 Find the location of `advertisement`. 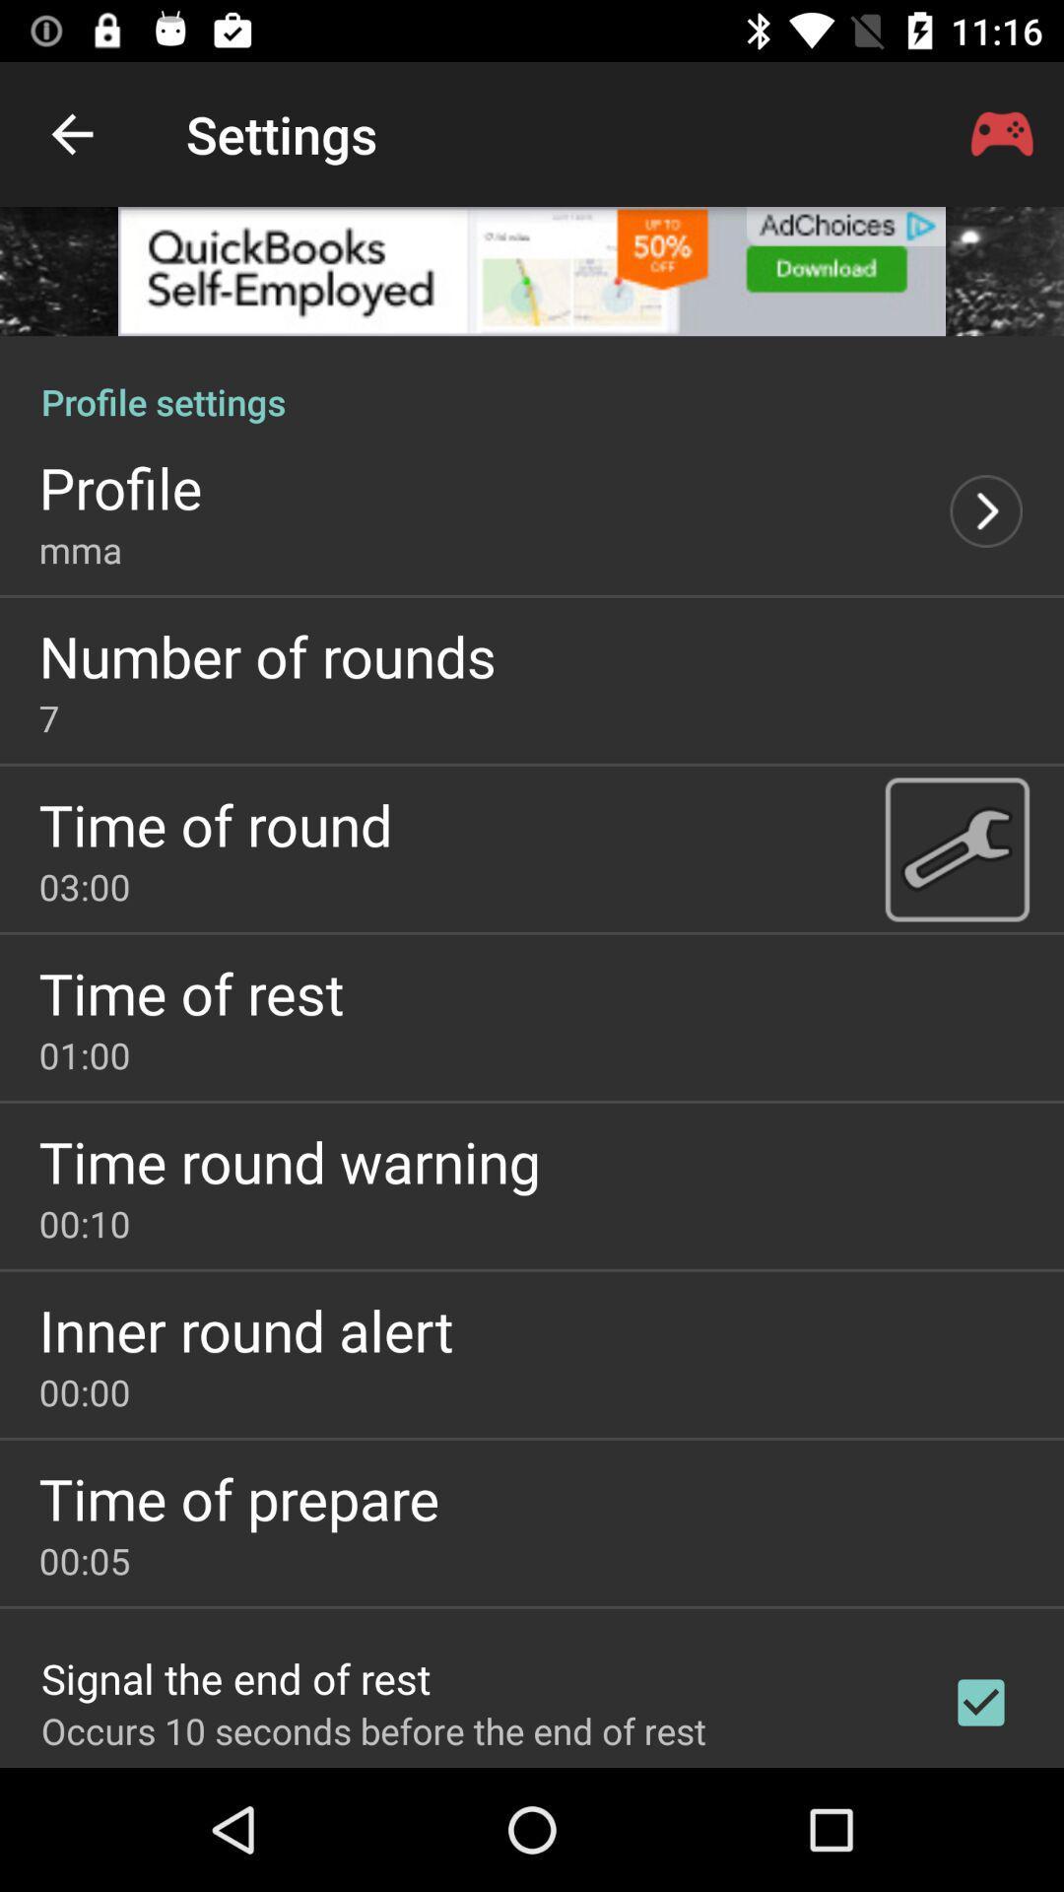

advertisement is located at coordinates (532, 270).